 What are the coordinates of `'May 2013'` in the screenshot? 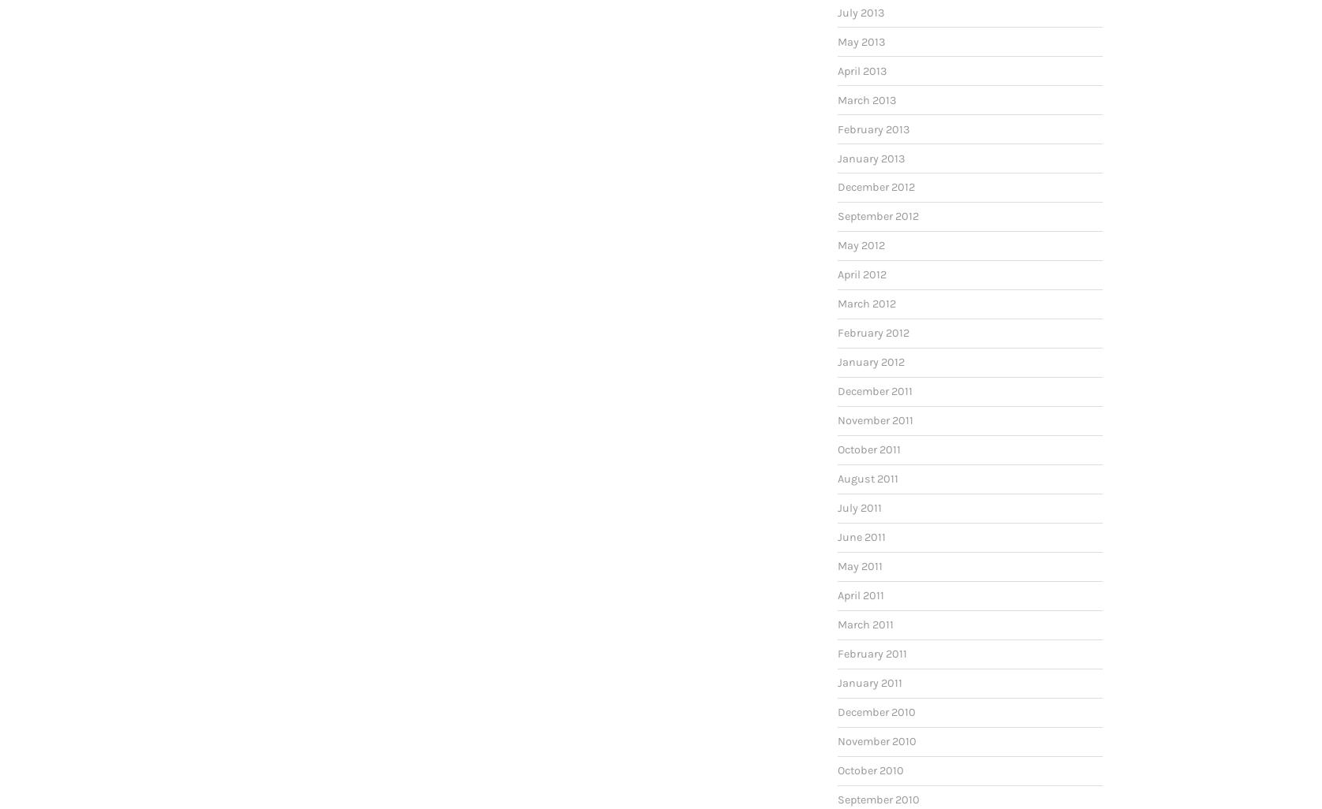 It's located at (861, 40).